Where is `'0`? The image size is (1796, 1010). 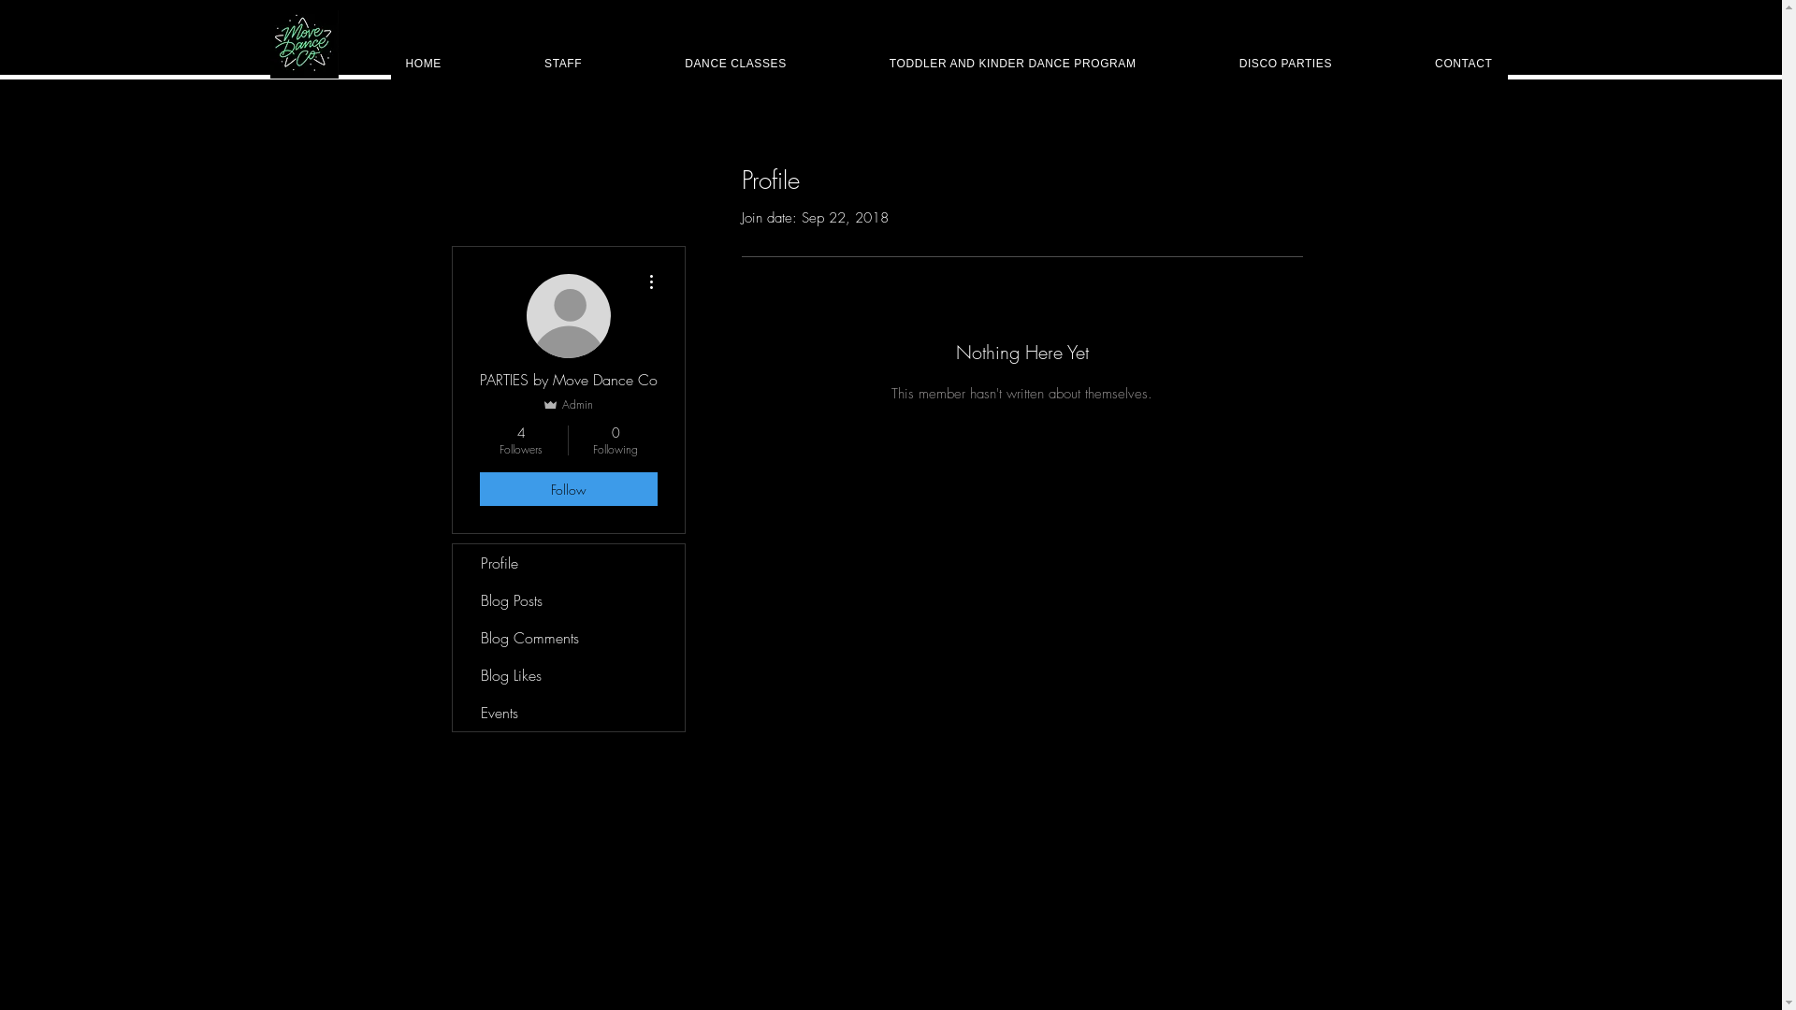
'0 is located at coordinates (616, 440).